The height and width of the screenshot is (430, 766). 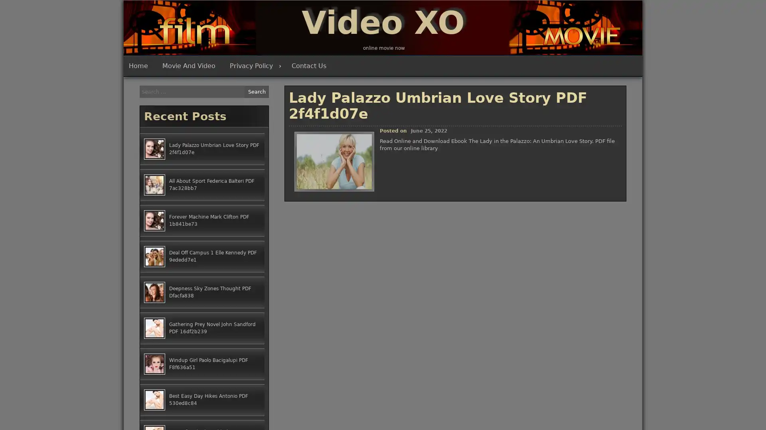 What do you see at coordinates (257, 91) in the screenshot?
I see `Search` at bounding box center [257, 91].